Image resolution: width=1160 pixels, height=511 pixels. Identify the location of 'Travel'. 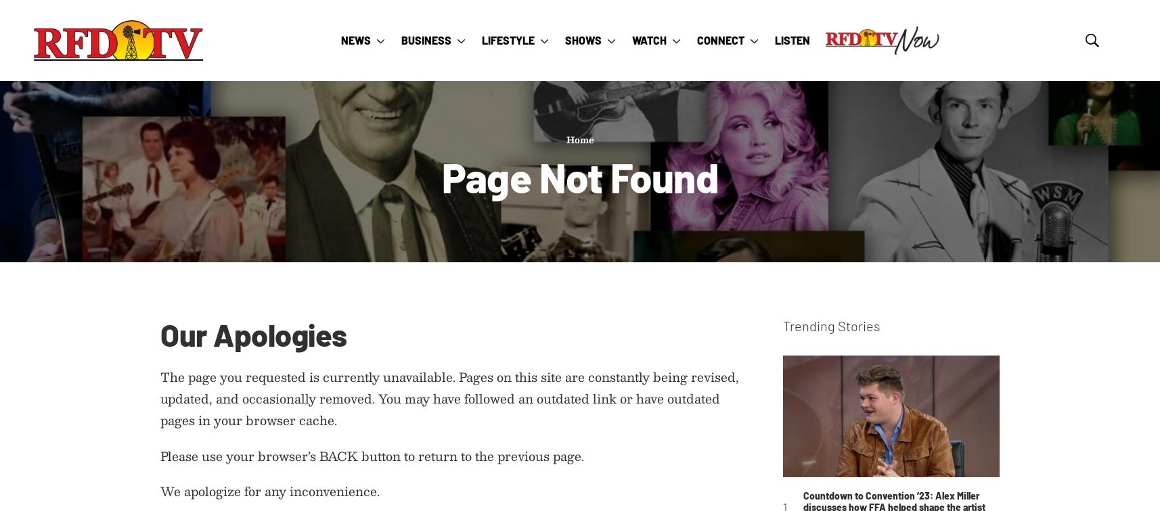
(500, 220).